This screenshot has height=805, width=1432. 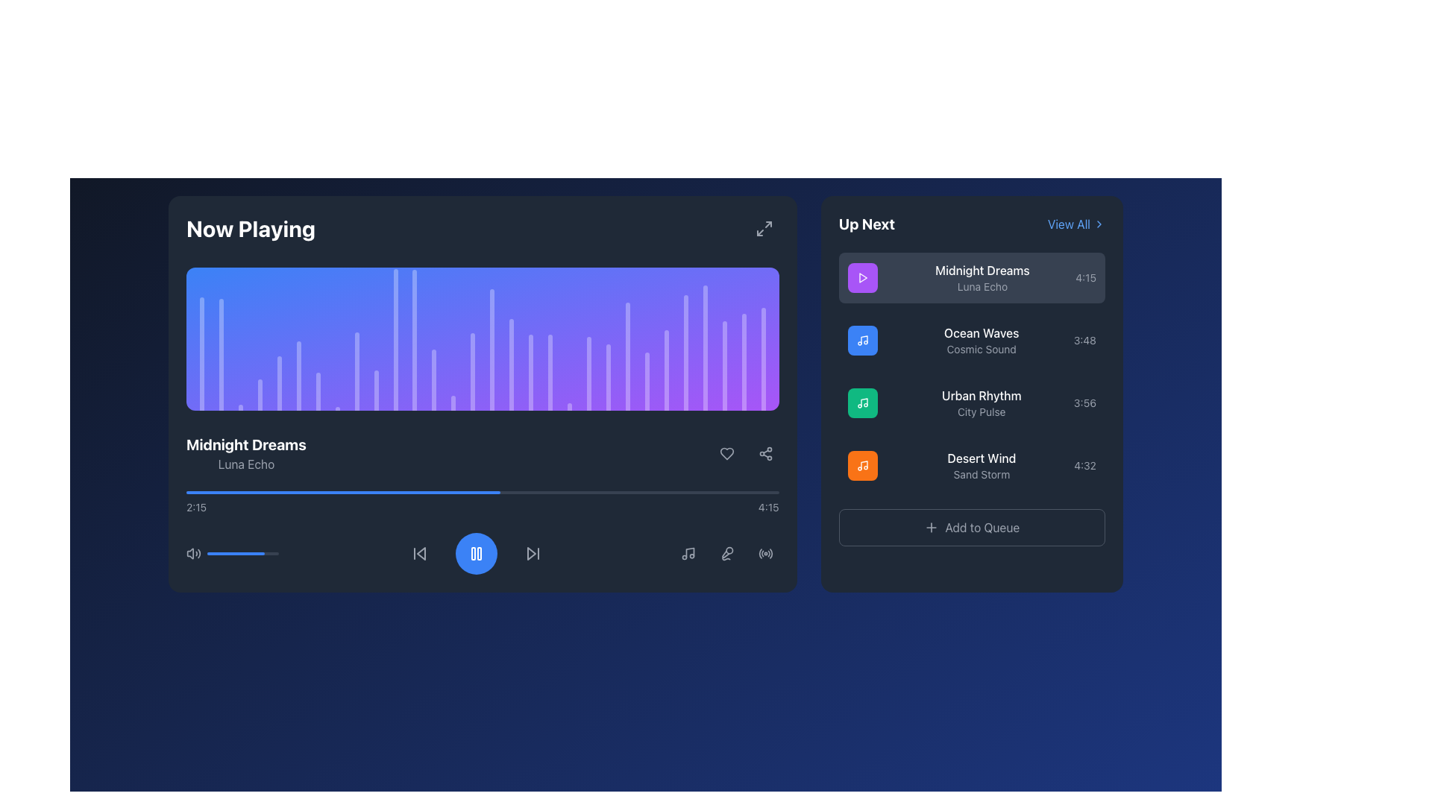 I want to click on the text label that displays the duration of the corresponding track in the third row of the 'Up Next' section, located on the far right side adjacent to the 'Urban Rhythm' entry, so click(x=1084, y=402).